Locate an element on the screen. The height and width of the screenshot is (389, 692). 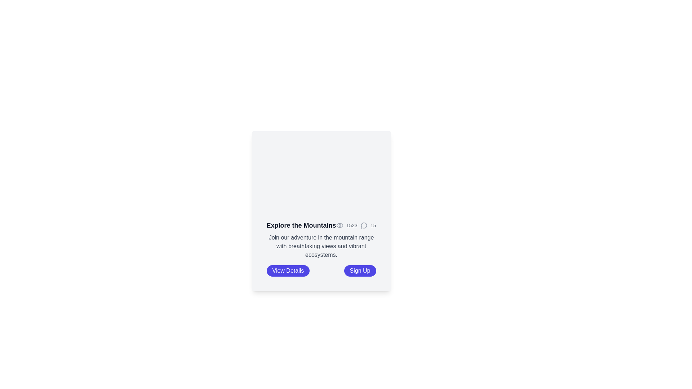
the informational display that shows views and comments with numerical data next to the title 'Explore the Mountains' is located at coordinates (356, 225).